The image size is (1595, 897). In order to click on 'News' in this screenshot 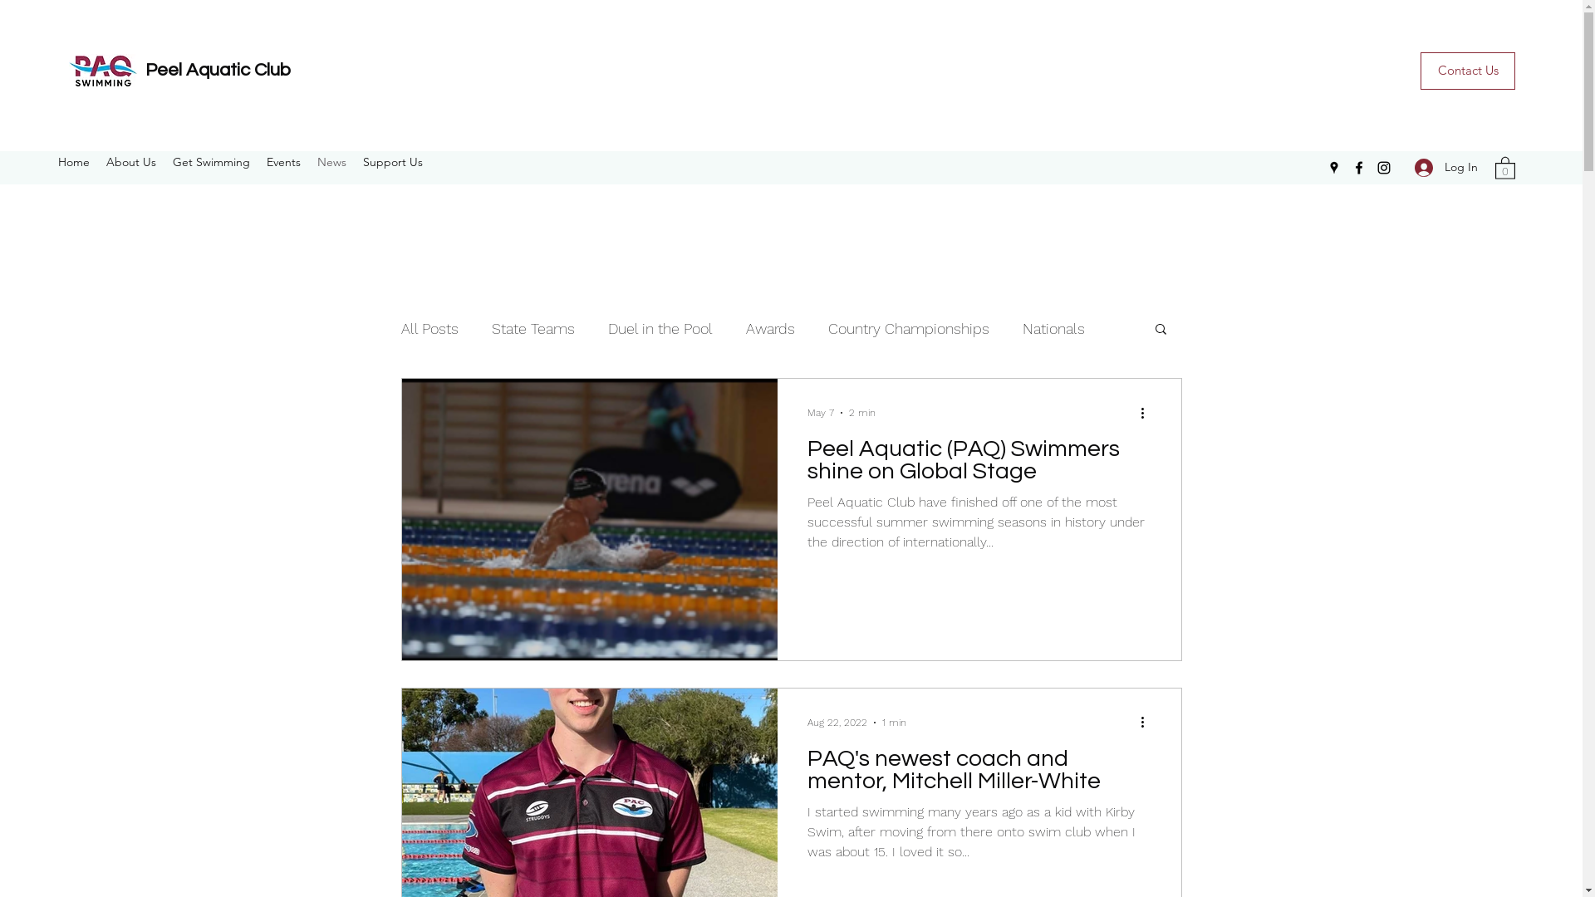, I will do `click(331, 162)`.